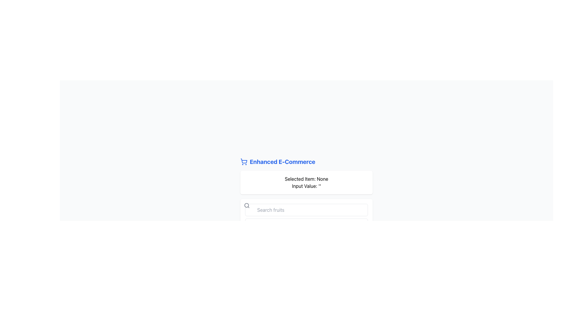 The width and height of the screenshot is (567, 319). What do you see at coordinates (247, 205) in the screenshot?
I see `the search input field associated with the search icon located at the top-left corner of the search bar, to enable users to enter search queries` at bounding box center [247, 205].